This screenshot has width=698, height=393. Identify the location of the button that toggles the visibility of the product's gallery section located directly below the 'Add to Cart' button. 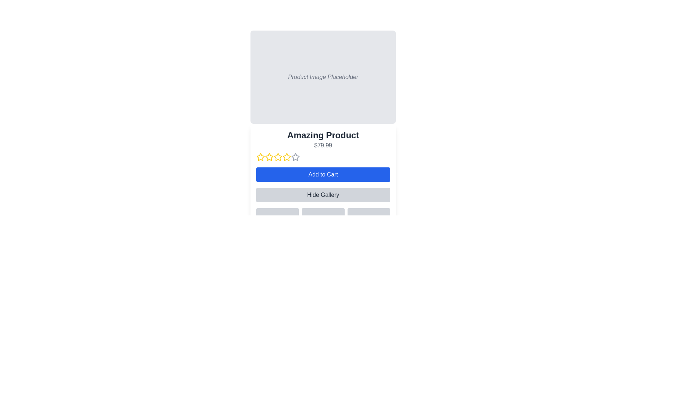
(322, 195).